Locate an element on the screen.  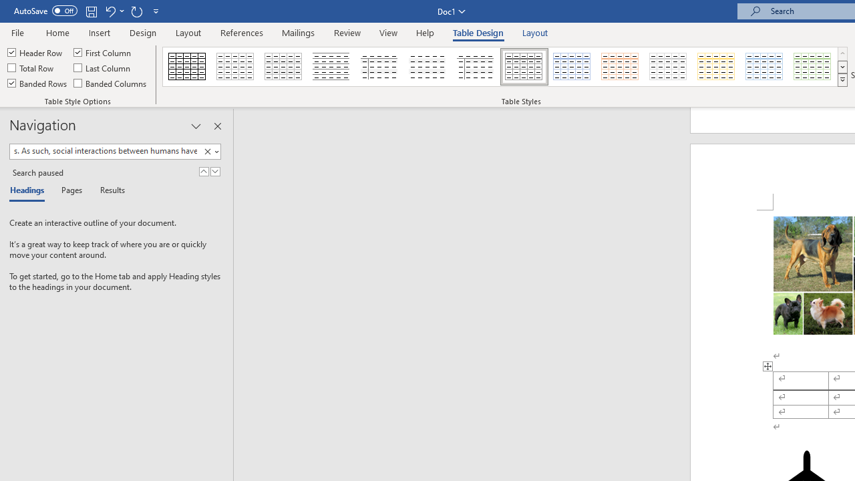
'Grid Table 1 Light - Accent 3' is located at coordinates (668, 67).